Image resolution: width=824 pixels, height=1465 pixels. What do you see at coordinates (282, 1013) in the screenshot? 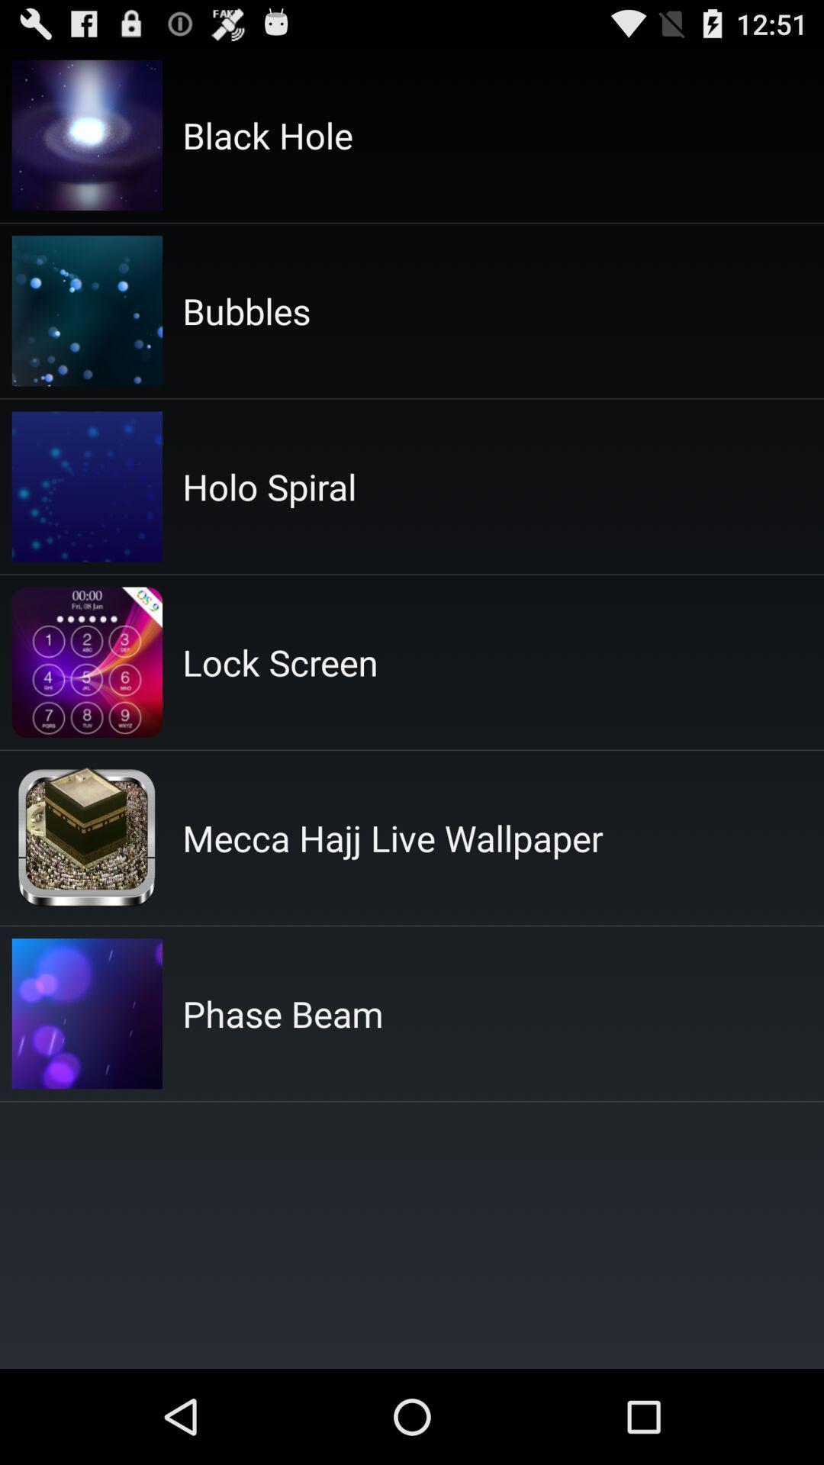
I see `phase beam` at bounding box center [282, 1013].